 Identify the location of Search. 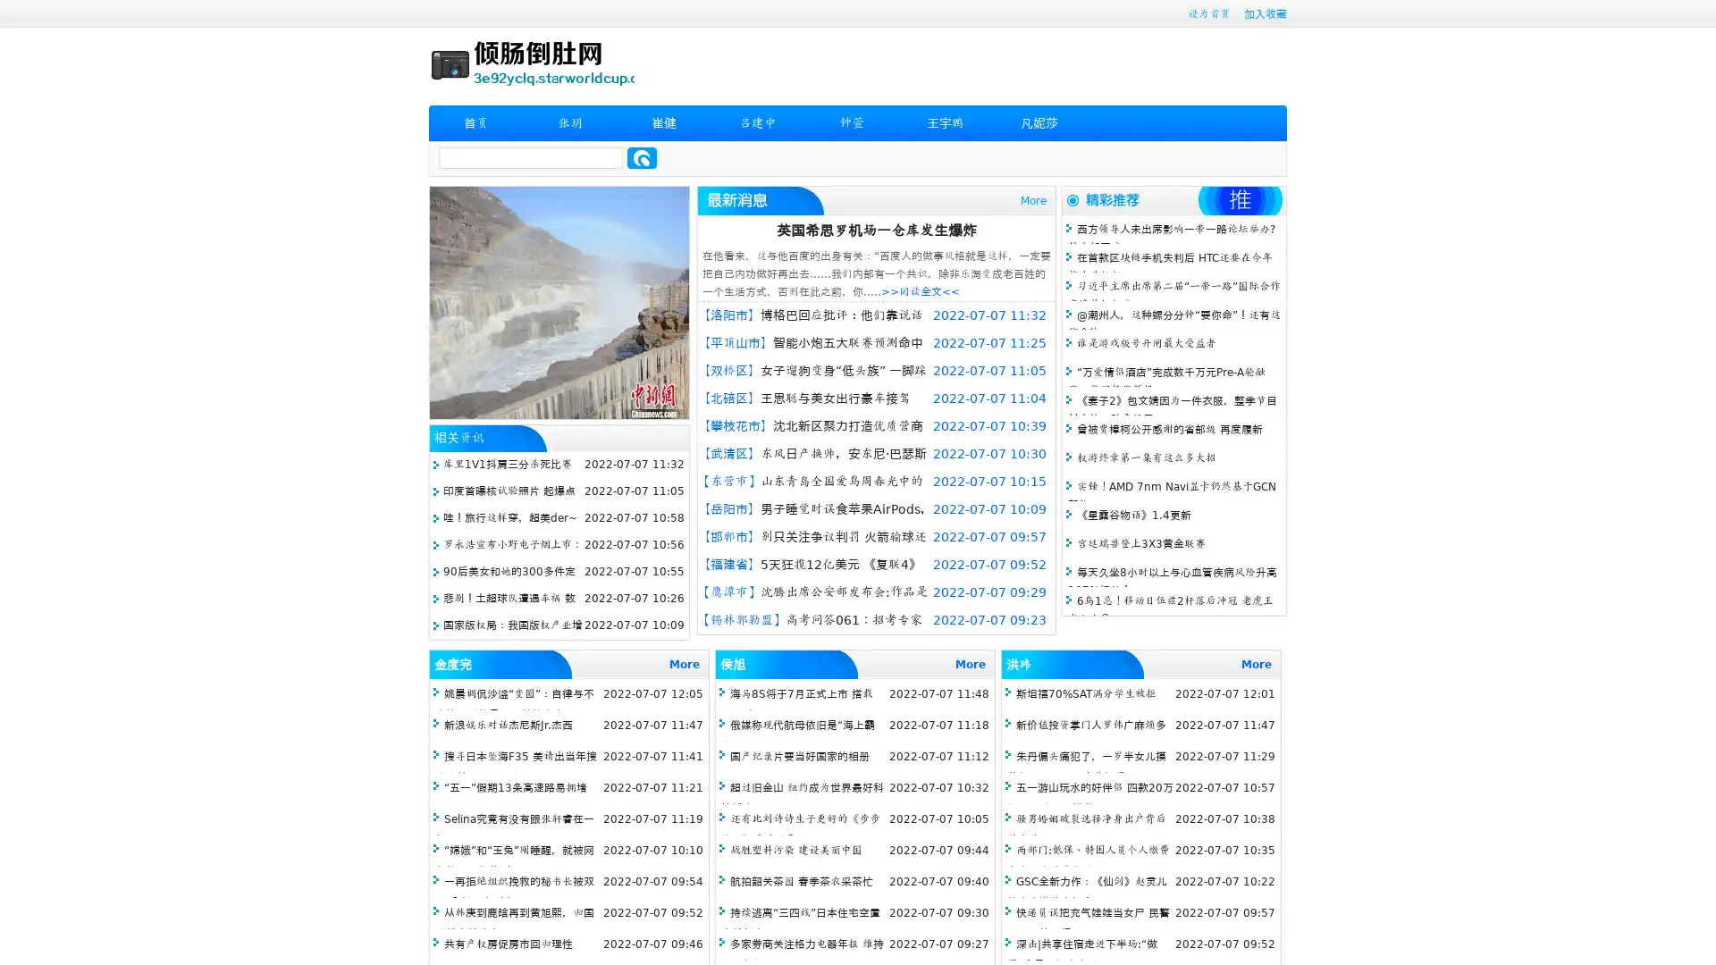
(642, 157).